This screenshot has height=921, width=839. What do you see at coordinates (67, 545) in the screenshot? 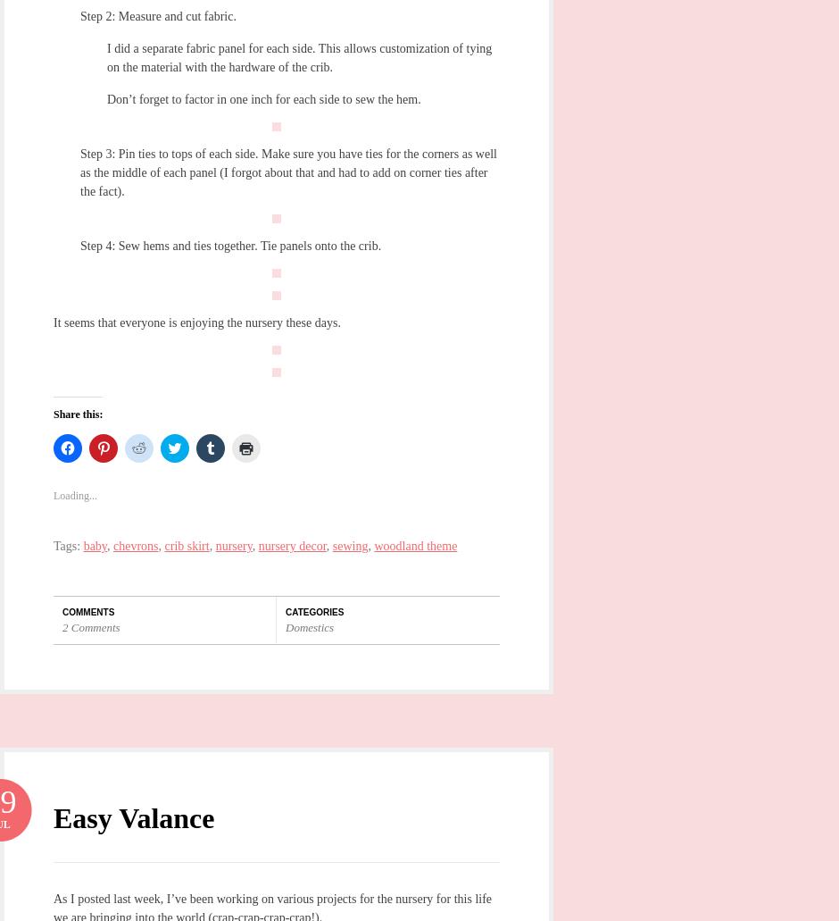
I see `'Tags:'` at bounding box center [67, 545].